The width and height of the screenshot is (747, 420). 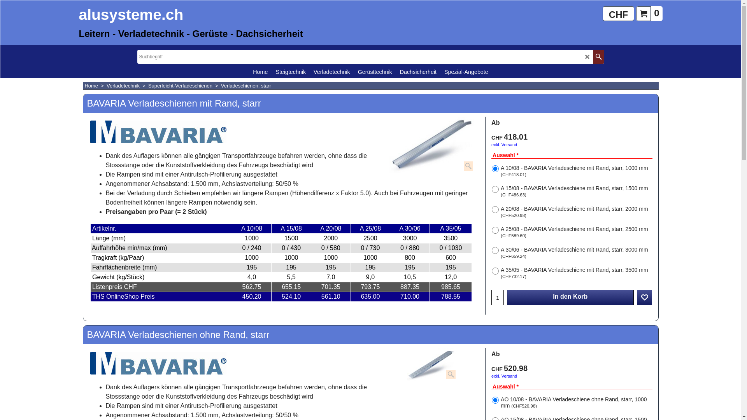 What do you see at coordinates (418, 72) in the screenshot?
I see `'Dachsicherheit'` at bounding box center [418, 72].